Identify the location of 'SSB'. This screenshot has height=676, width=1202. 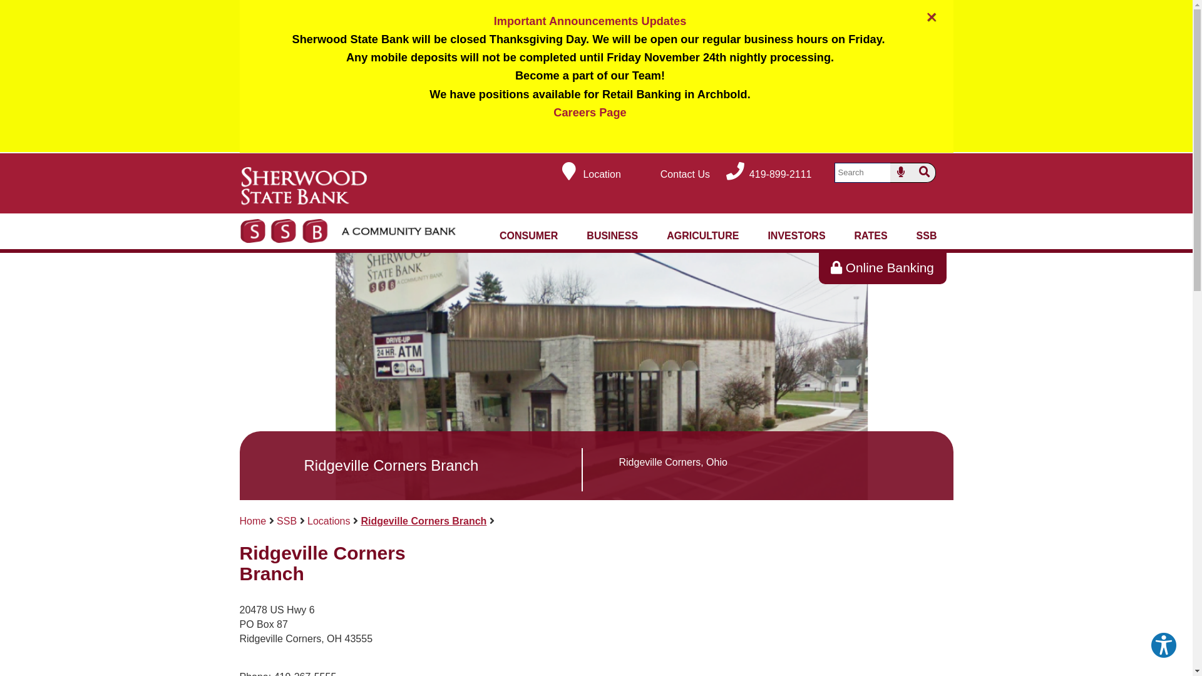
(285, 521).